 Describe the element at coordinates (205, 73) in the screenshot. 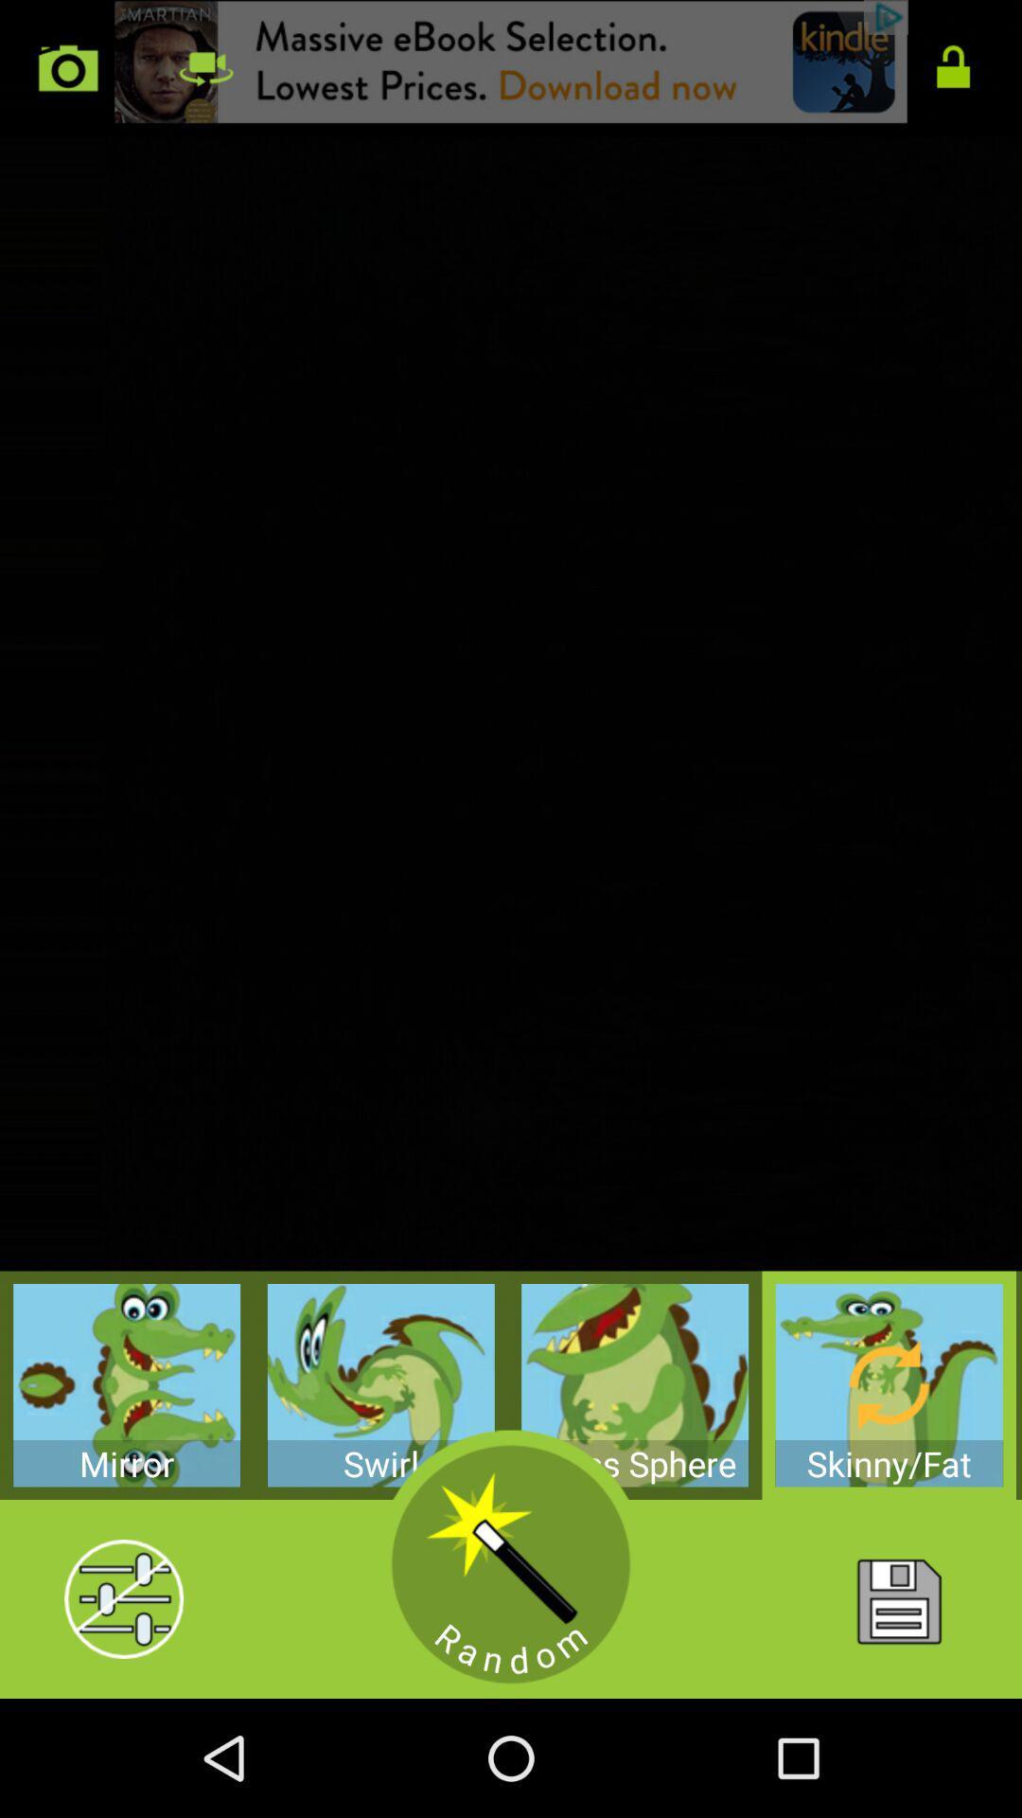

I see `the videocam icon` at that location.